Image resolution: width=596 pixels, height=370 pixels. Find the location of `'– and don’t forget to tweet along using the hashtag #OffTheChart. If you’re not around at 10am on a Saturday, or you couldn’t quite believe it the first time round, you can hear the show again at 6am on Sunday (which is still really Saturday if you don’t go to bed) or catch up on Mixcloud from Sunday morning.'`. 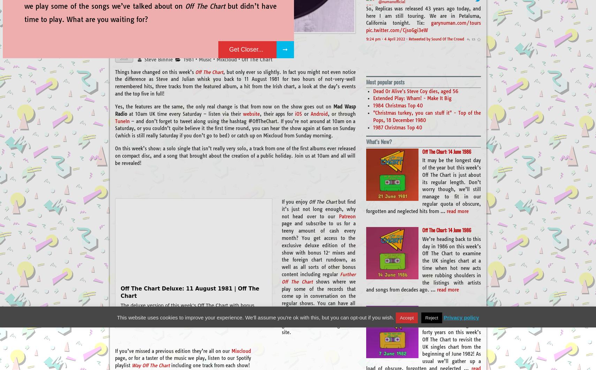

'– and don’t forget to tweet along using the hashtag #OffTheChart. If you’re not around at 10am on a Saturday, or you couldn’t quite believe it the first time round, you can hear the show again at 6am on Sunday (which is still really Saturday if you don’t go to bed) or catch up on Mixcloud from Sunday morning.' is located at coordinates (235, 128).